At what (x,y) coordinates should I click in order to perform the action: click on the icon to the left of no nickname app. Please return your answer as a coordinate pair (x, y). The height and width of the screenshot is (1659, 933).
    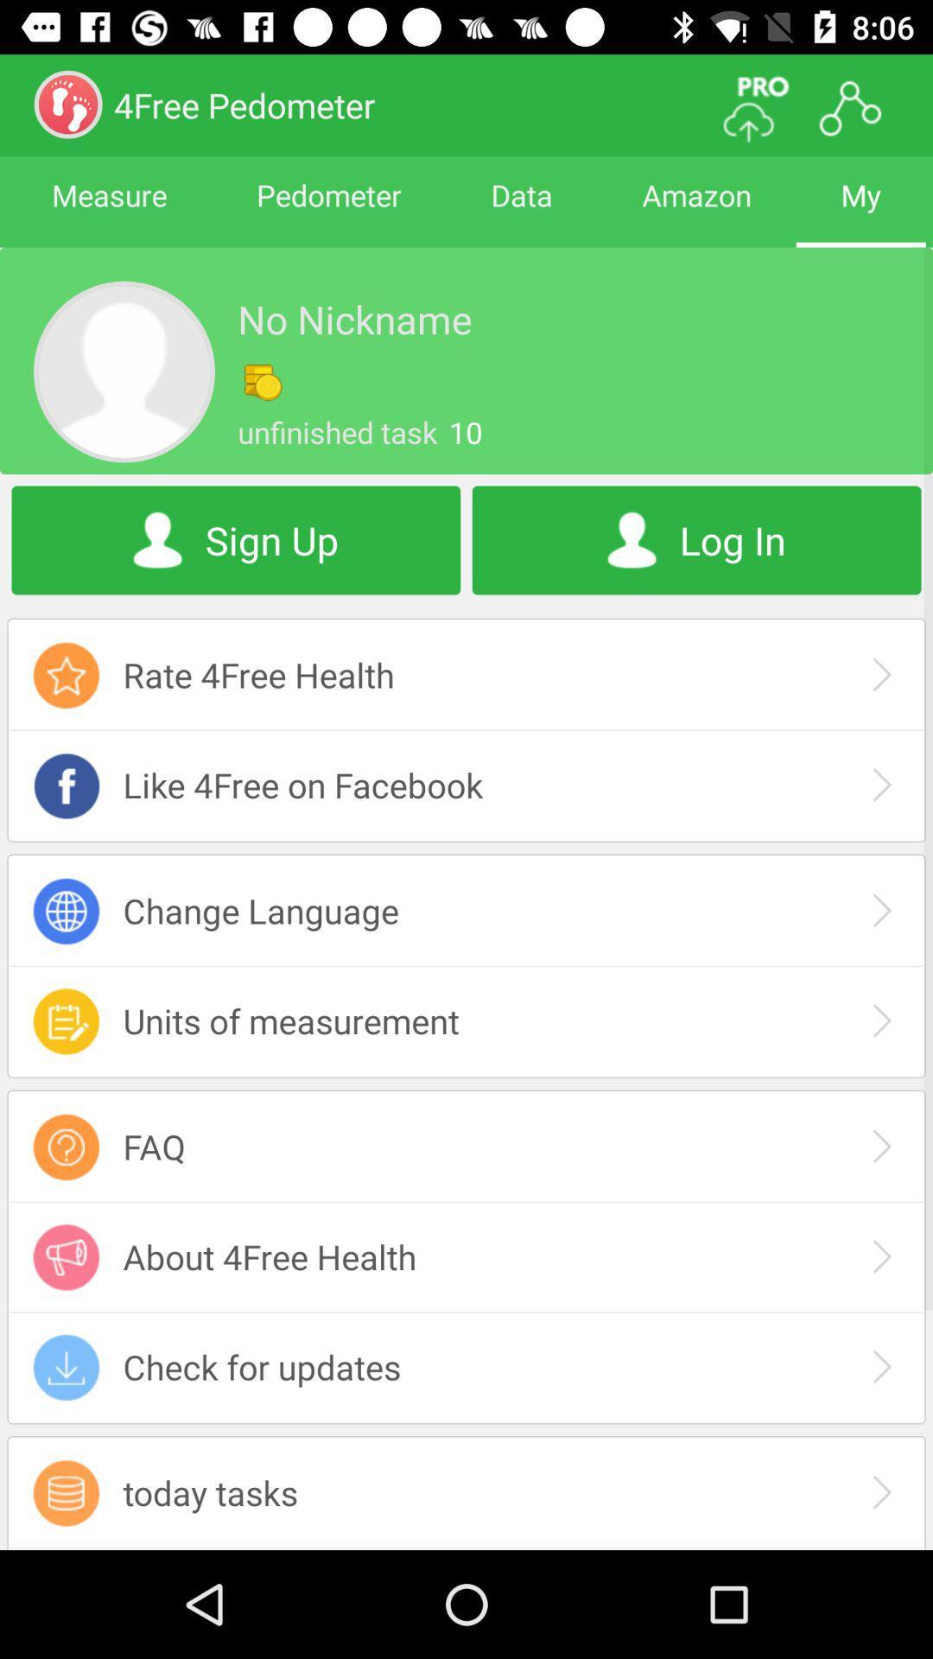
    Looking at the image, I should click on (123, 371).